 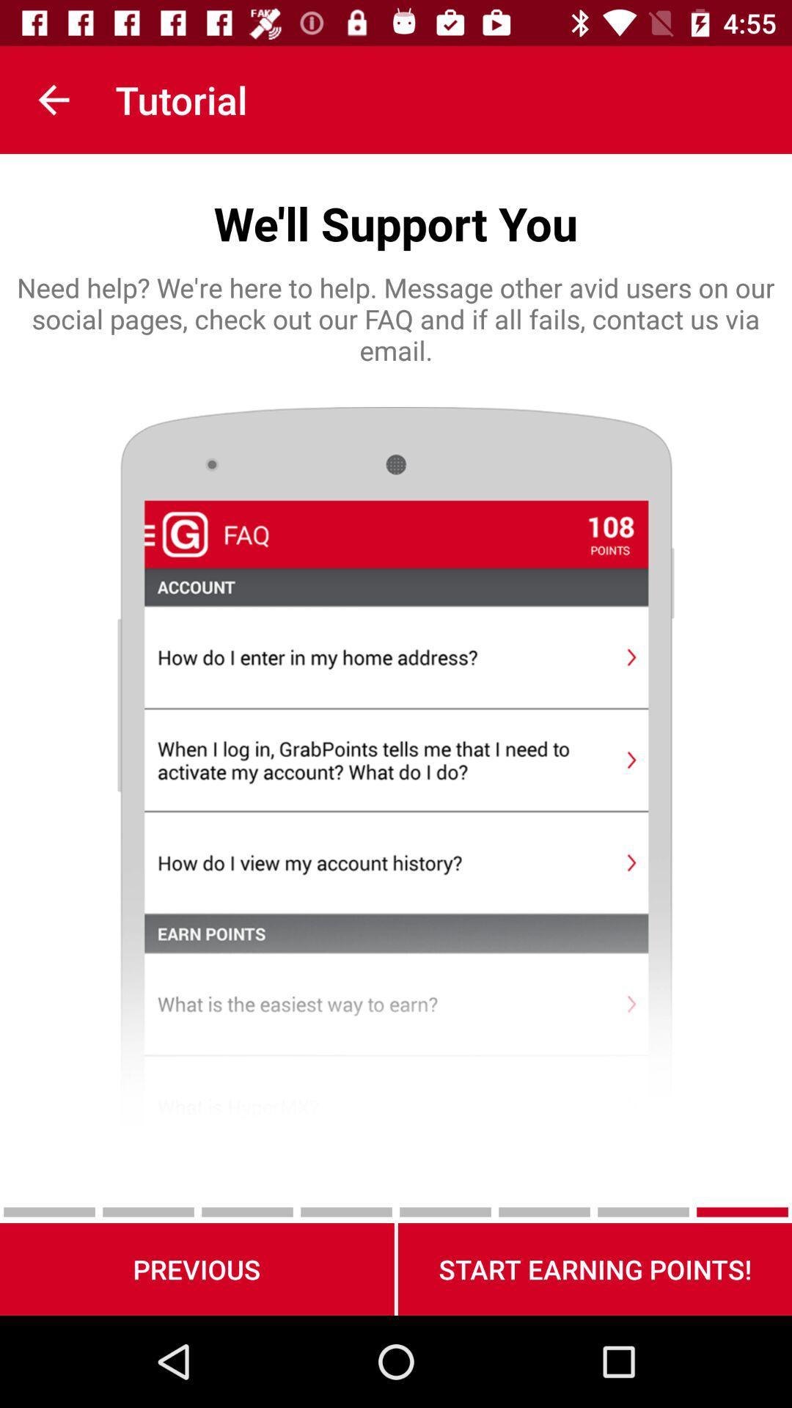 I want to click on the icon to the left of tutorial item, so click(x=53, y=99).